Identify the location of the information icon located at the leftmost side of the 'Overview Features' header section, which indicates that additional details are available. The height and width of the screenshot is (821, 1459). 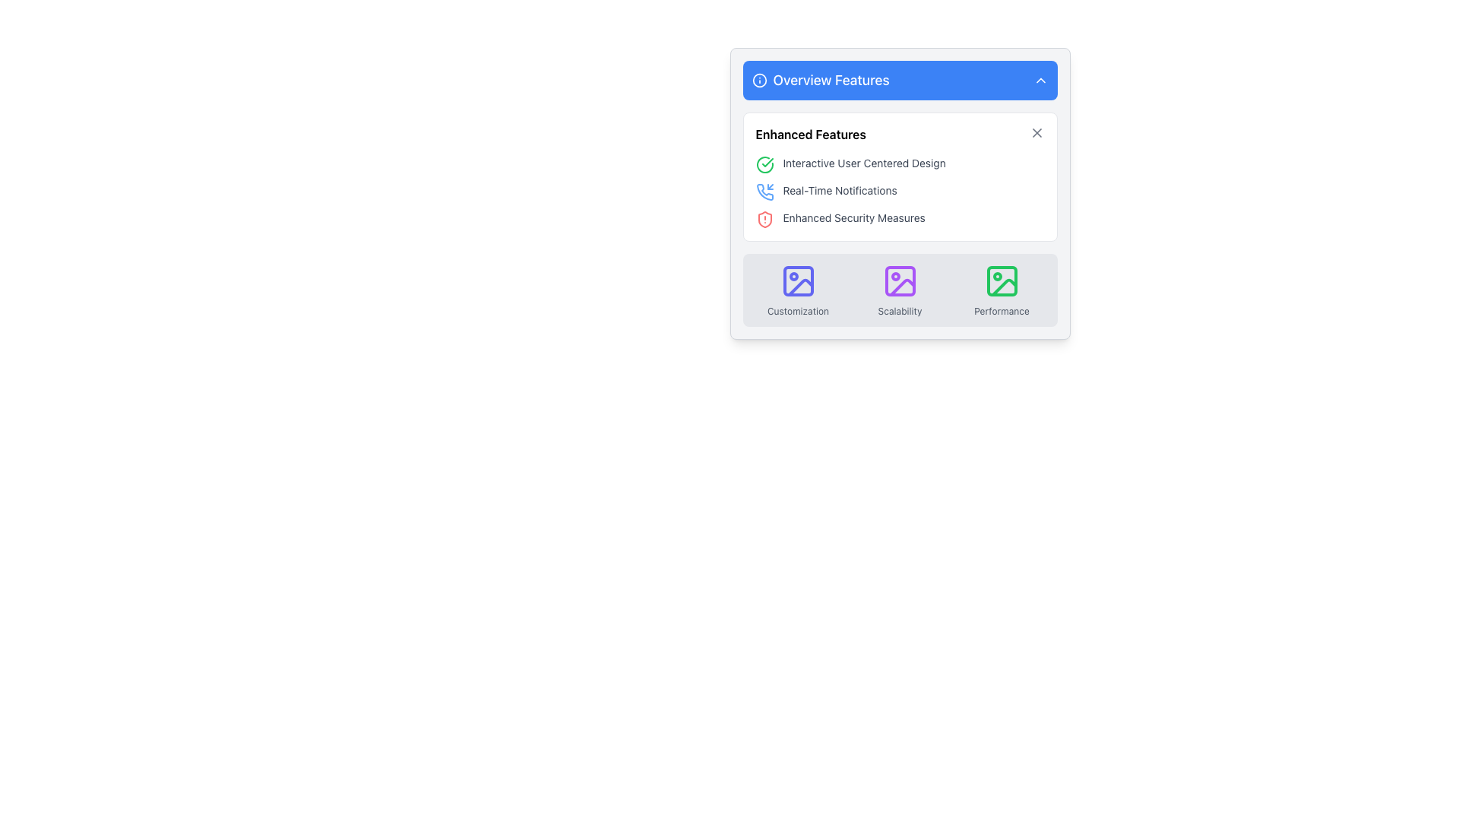
(759, 80).